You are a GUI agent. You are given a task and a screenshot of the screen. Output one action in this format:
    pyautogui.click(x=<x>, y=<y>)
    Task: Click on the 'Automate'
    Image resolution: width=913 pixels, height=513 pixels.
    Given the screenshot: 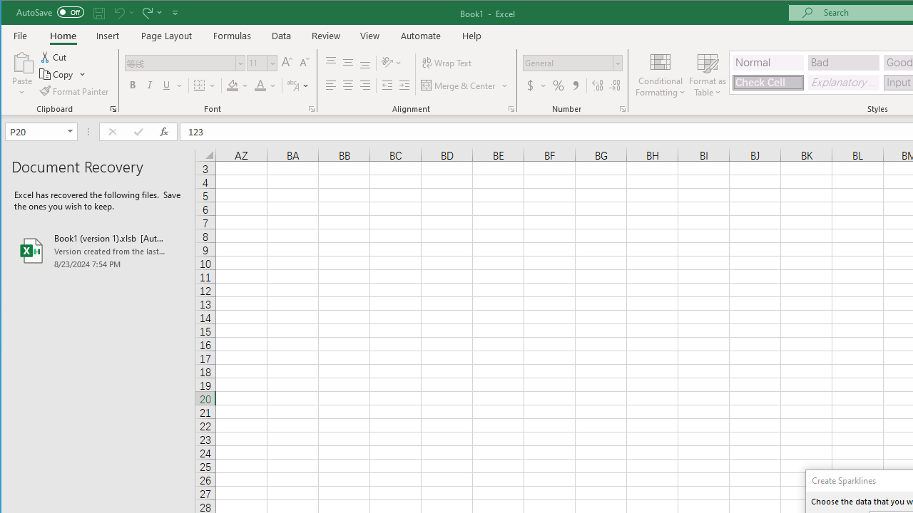 What is the action you would take?
    pyautogui.click(x=420, y=35)
    